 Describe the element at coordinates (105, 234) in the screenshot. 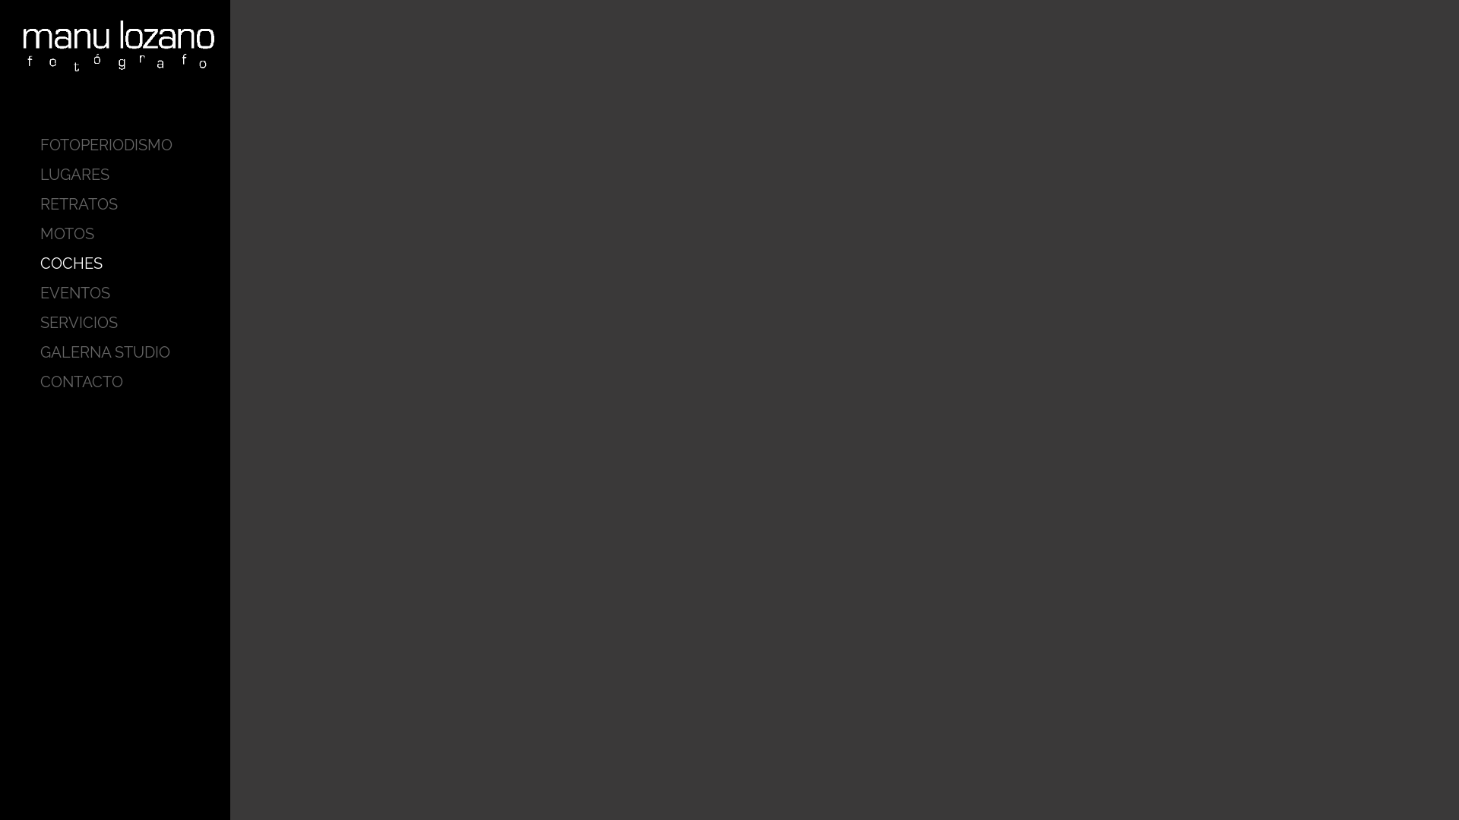

I see `'MOTOS'` at that location.